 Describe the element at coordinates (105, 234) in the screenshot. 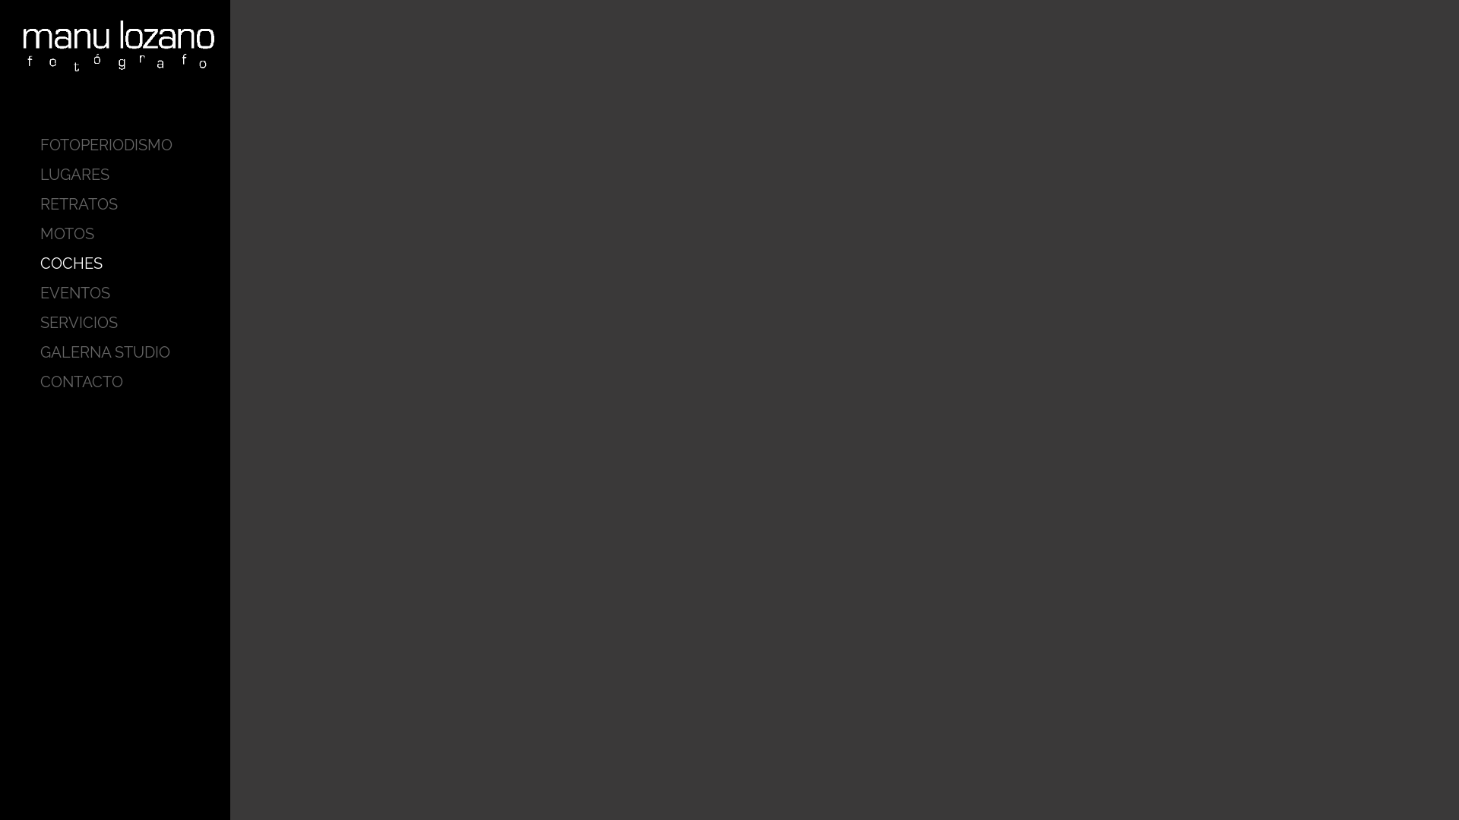

I see `'MOTOS'` at that location.